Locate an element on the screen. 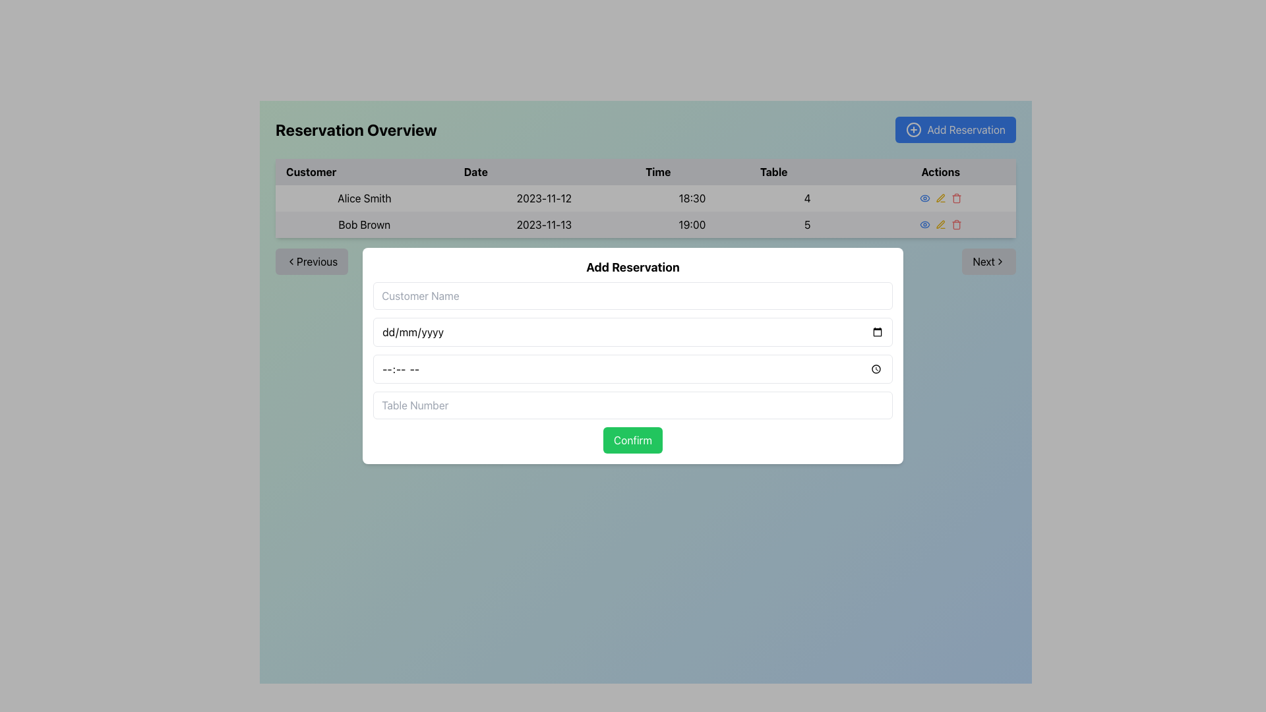  the text element displaying 'Bob Brown' in the first cell of the second row under the 'Customer' heading is located at coordinates (364, 223).